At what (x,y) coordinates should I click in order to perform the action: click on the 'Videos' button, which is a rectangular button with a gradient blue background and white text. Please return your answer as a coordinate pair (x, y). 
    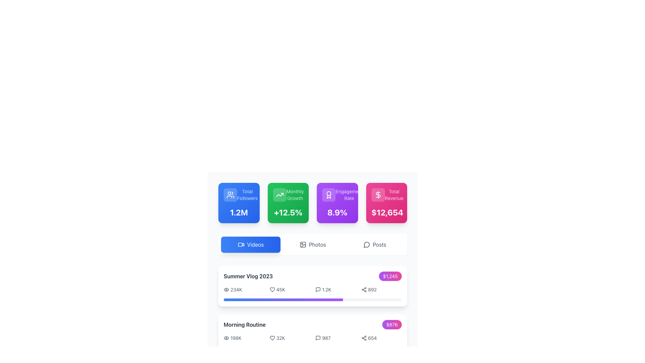
    Looking at the image, I should click on (250, 245).